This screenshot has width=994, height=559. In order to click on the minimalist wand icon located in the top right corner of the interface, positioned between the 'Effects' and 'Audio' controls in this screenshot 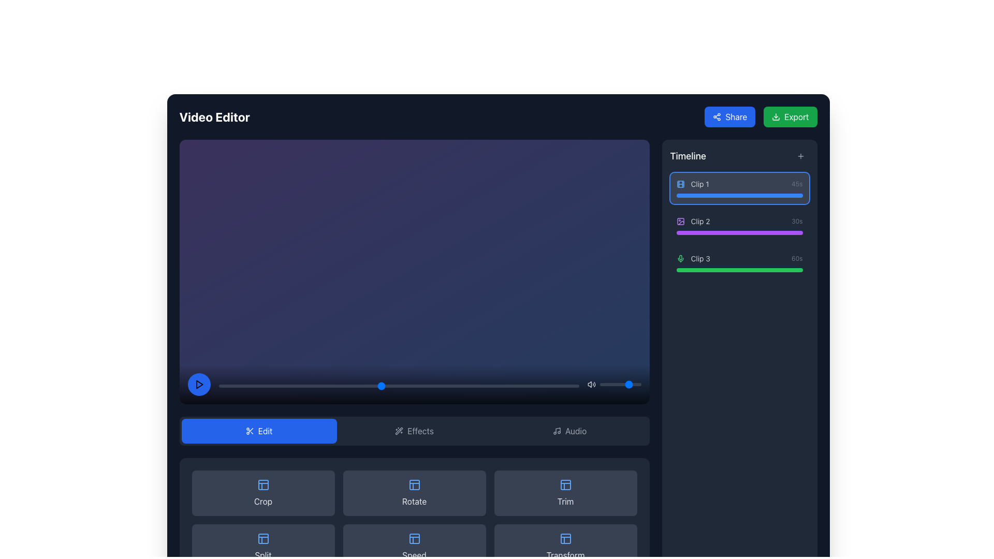, I will do `click(399, 431)`.